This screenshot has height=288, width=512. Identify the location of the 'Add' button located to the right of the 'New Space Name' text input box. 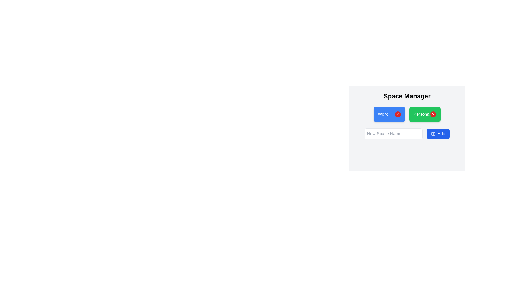
(438, 133).